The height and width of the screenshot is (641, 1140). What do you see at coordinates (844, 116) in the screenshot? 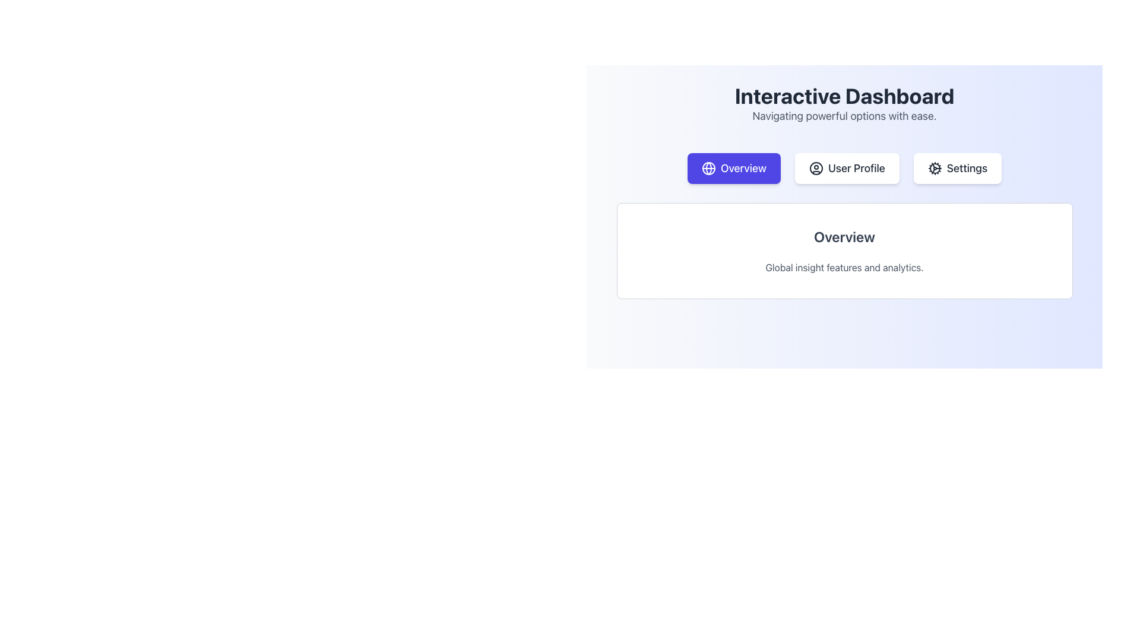
I see `the static text element that reads 'Navigating powerful options with ease.' which is displayed in light gray color and is centered below the title 'Interactive Dashboard'` at bounding box center [844, 116].